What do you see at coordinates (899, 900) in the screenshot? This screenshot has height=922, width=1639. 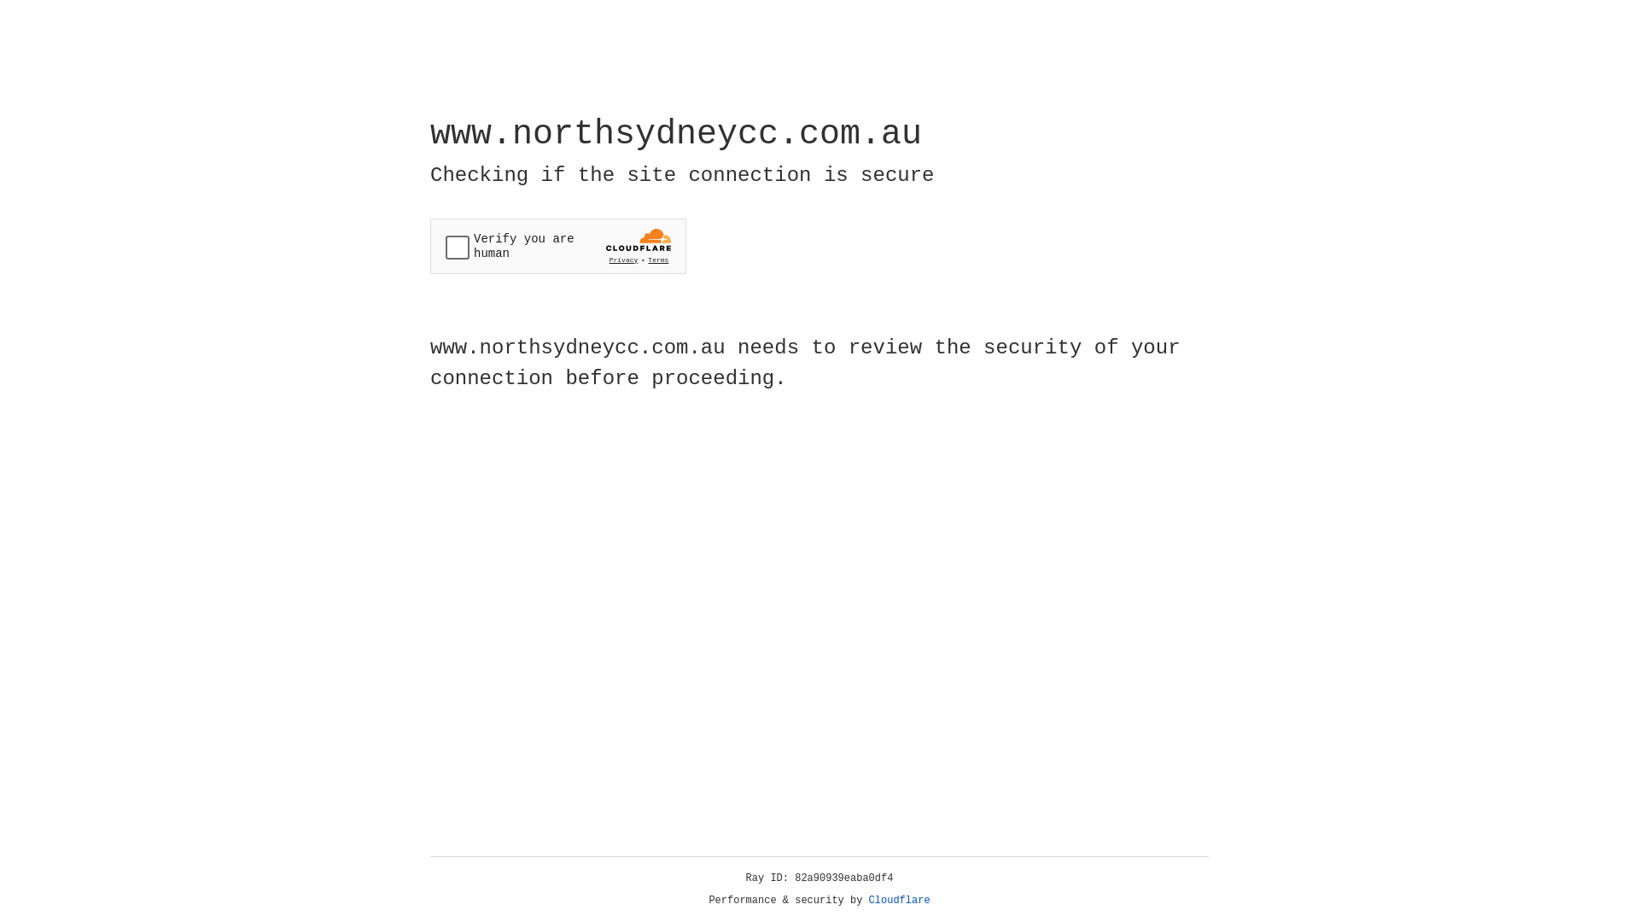 I see `'Cloudflare'` at bounding box center [899, 900].